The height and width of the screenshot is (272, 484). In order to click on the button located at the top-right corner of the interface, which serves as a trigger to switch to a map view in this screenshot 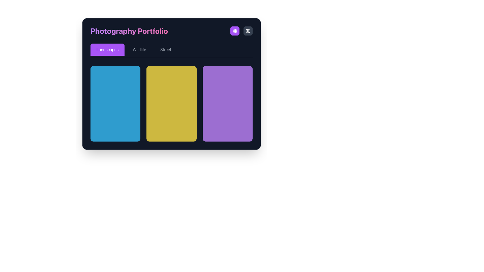, I will do `click(248, 31)`.